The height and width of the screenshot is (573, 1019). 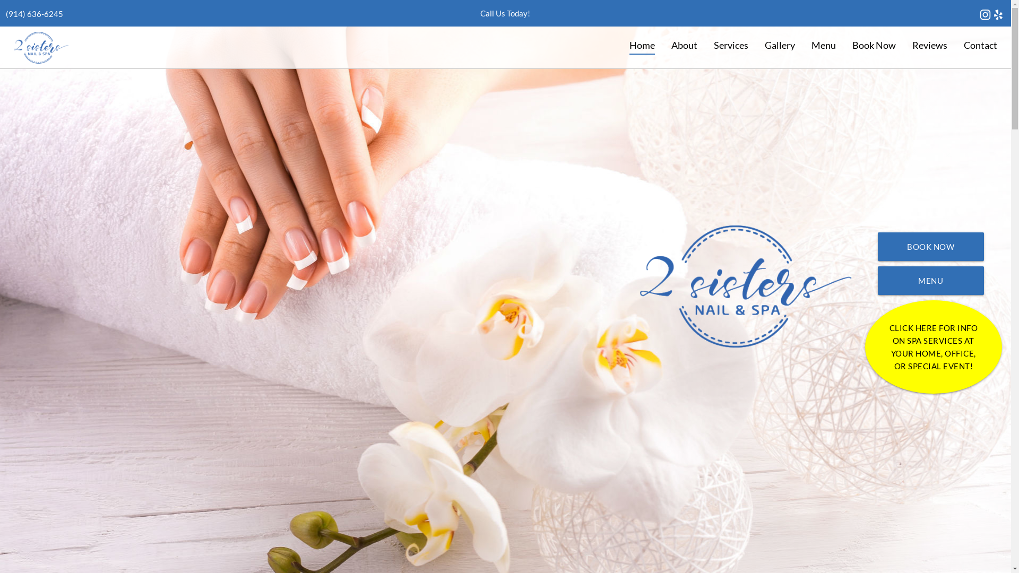 I want to click on 'Gallery', so click(x=779, y=45).